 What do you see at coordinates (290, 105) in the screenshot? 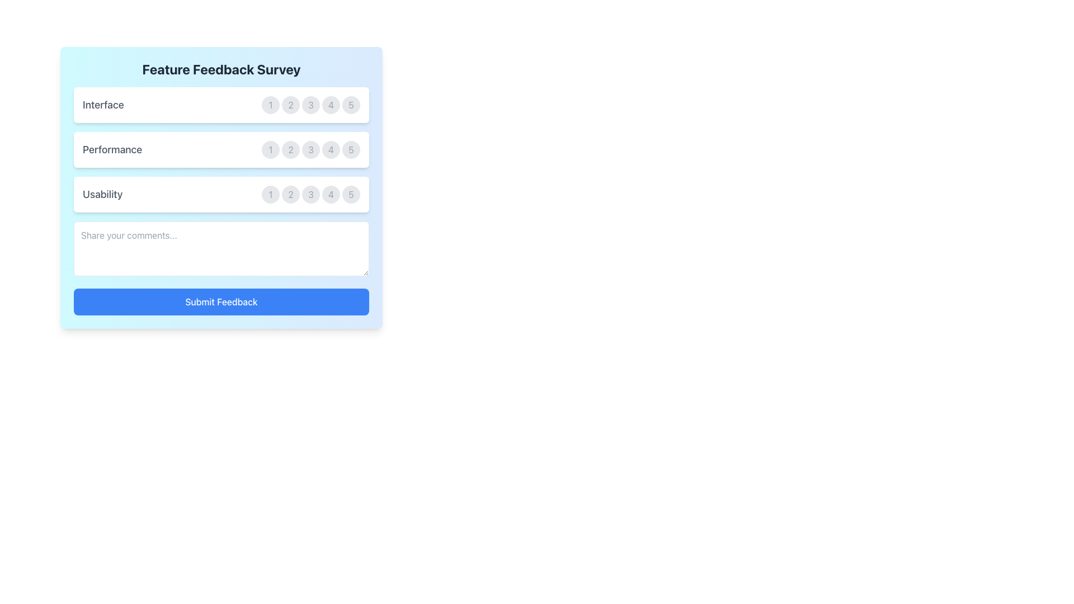
I see `the rounded button with a gray background displaying the number '2'` at bounding box center [290, 105].